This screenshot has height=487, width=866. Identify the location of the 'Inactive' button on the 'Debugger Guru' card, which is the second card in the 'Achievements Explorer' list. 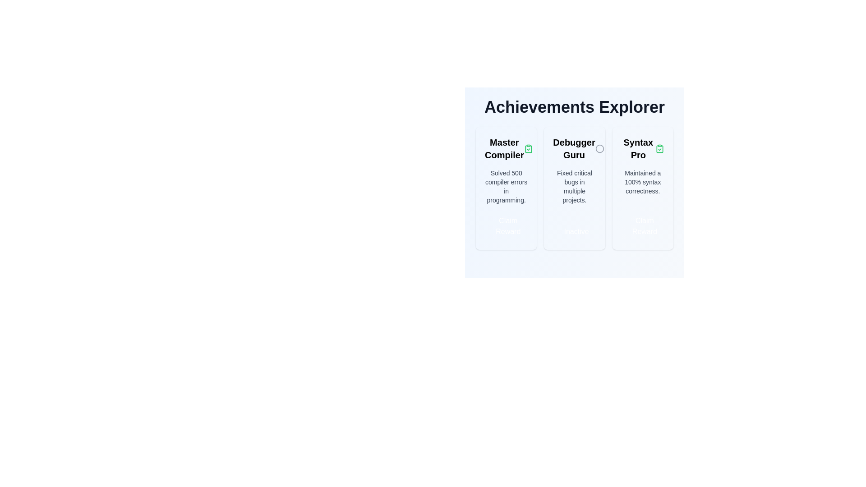
(574, 177).